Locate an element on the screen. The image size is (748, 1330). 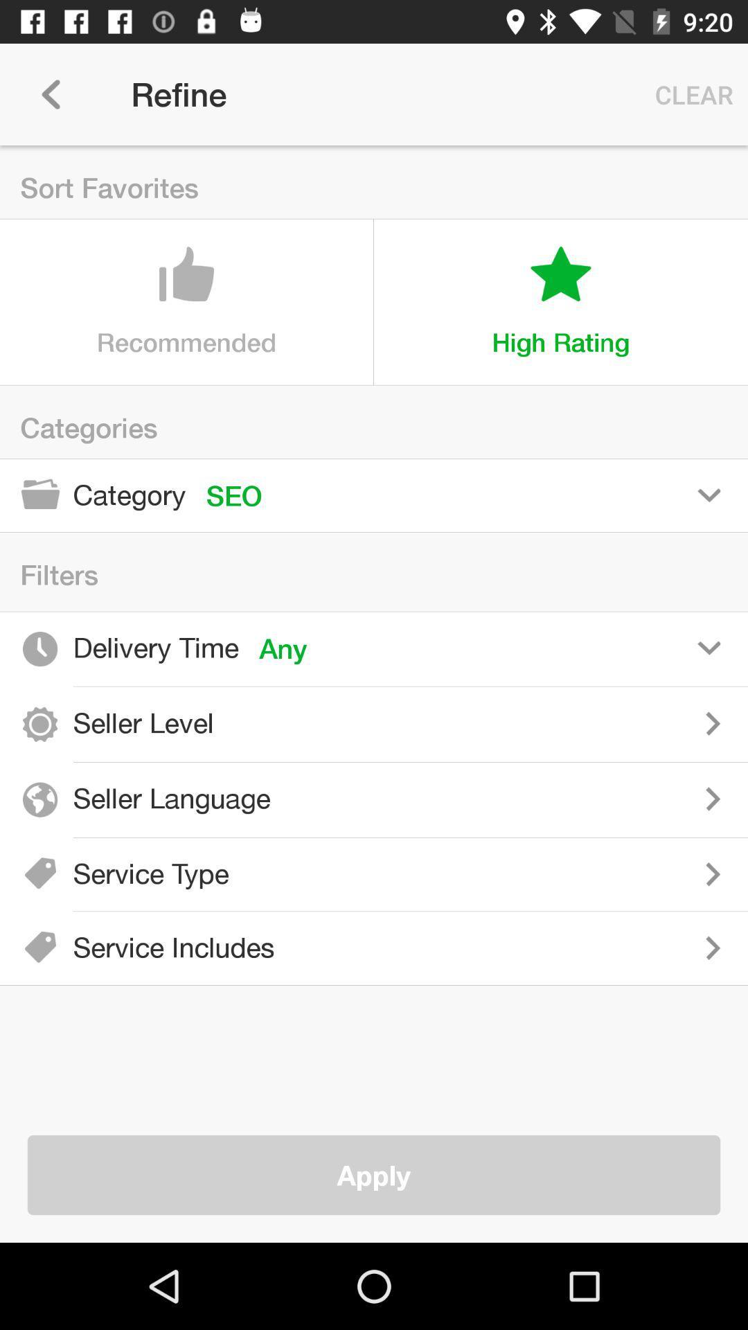
the icon to the right of refine icon is located at coordinates (691, 94).